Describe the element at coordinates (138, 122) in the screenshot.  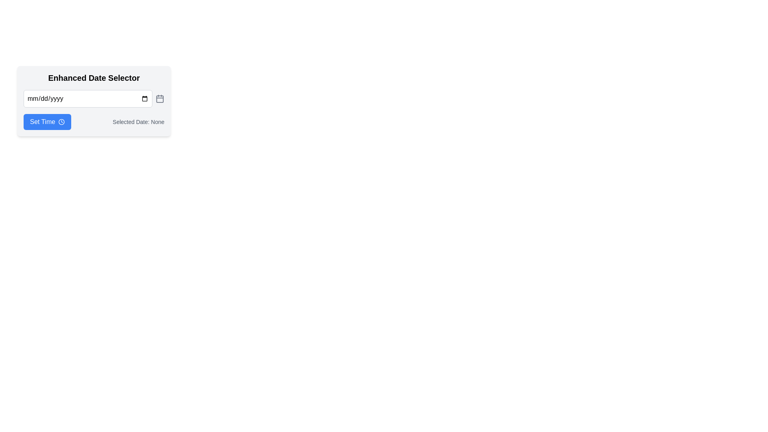
I see `the Text Display that shows 'Selected Date: None' in light gray color, positioned to the right of the 'Set Time' button` at that location.